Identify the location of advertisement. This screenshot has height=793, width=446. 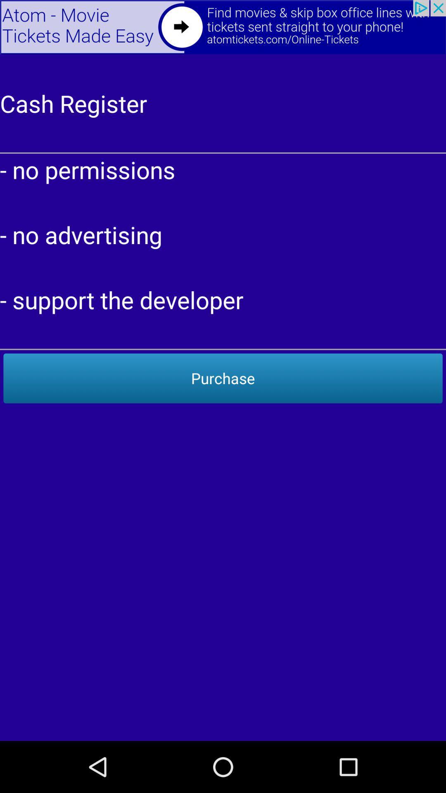
(223, 27).